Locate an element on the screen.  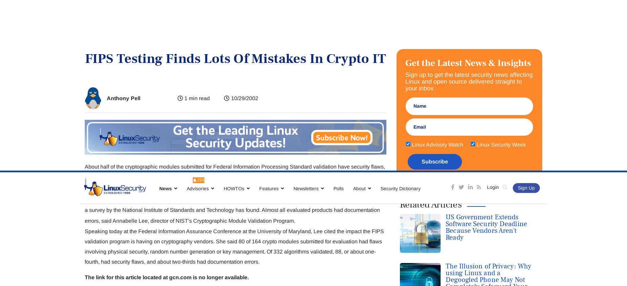
'Security Dictionary' is located at coordinates (400, 17).